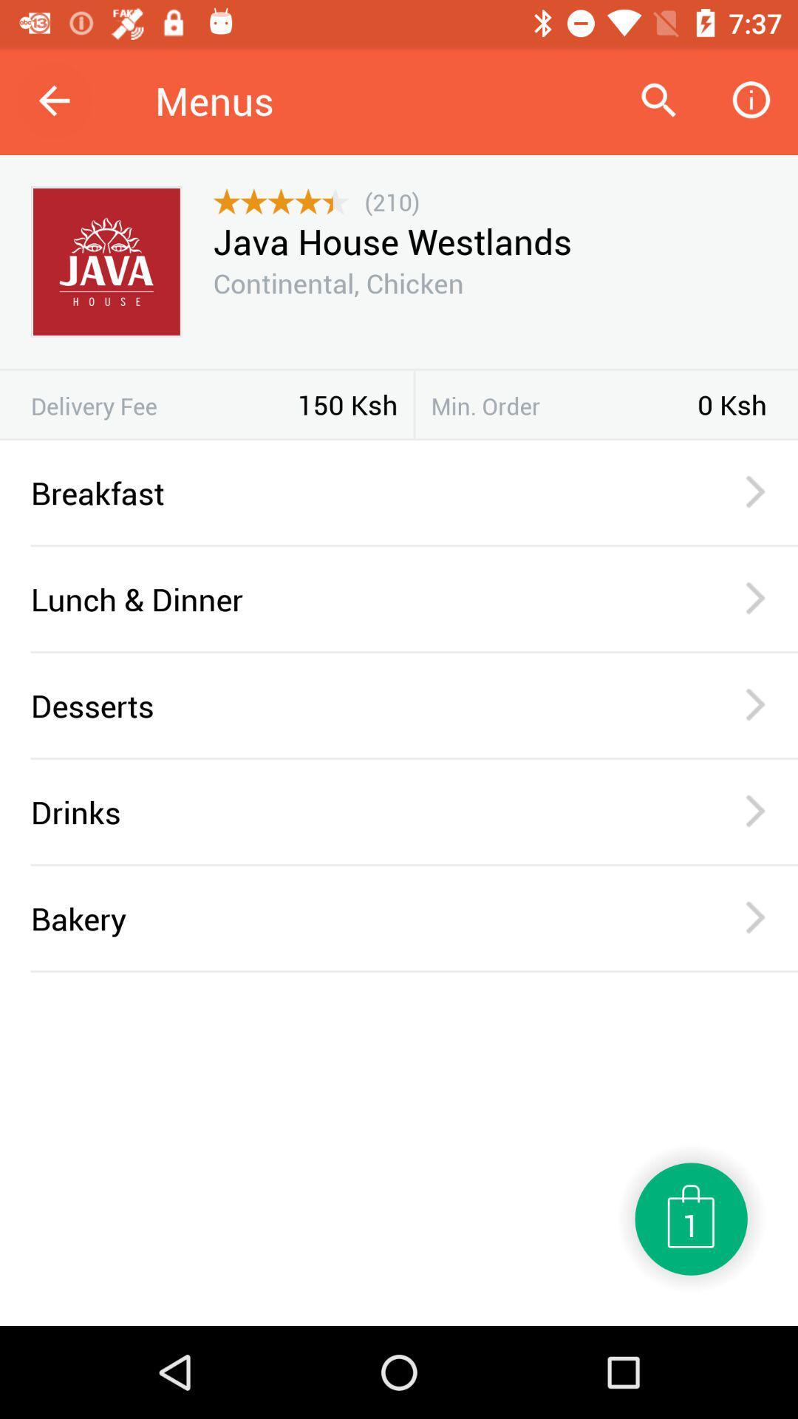 The image size is (798, 1419). Describe the element at coordinates (414, 865) in the screenshot. I see `icon above the bakery icon` at that location.